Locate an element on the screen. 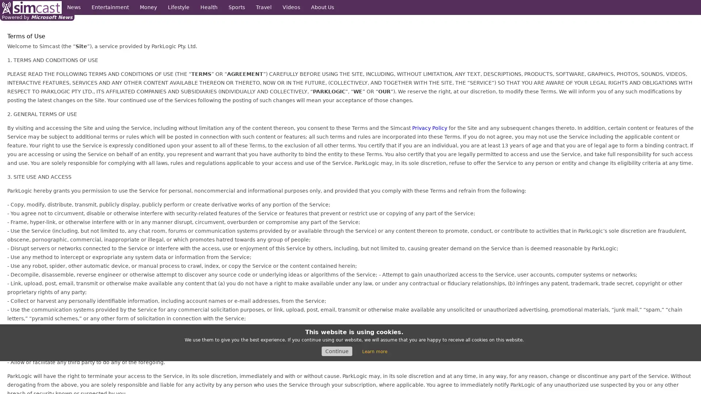 The width and height of the screenshot is (701, 394). Continue is located at coordinates (336, 351).